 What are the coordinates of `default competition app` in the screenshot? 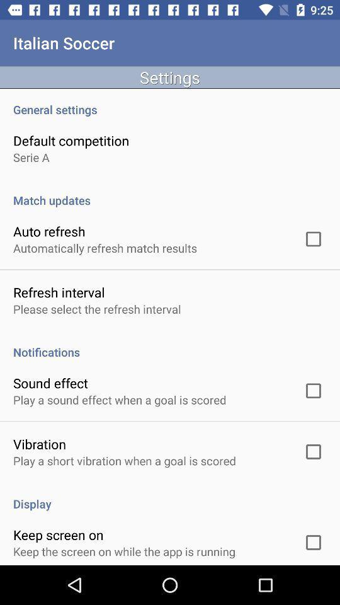 It's located at (71, 141).